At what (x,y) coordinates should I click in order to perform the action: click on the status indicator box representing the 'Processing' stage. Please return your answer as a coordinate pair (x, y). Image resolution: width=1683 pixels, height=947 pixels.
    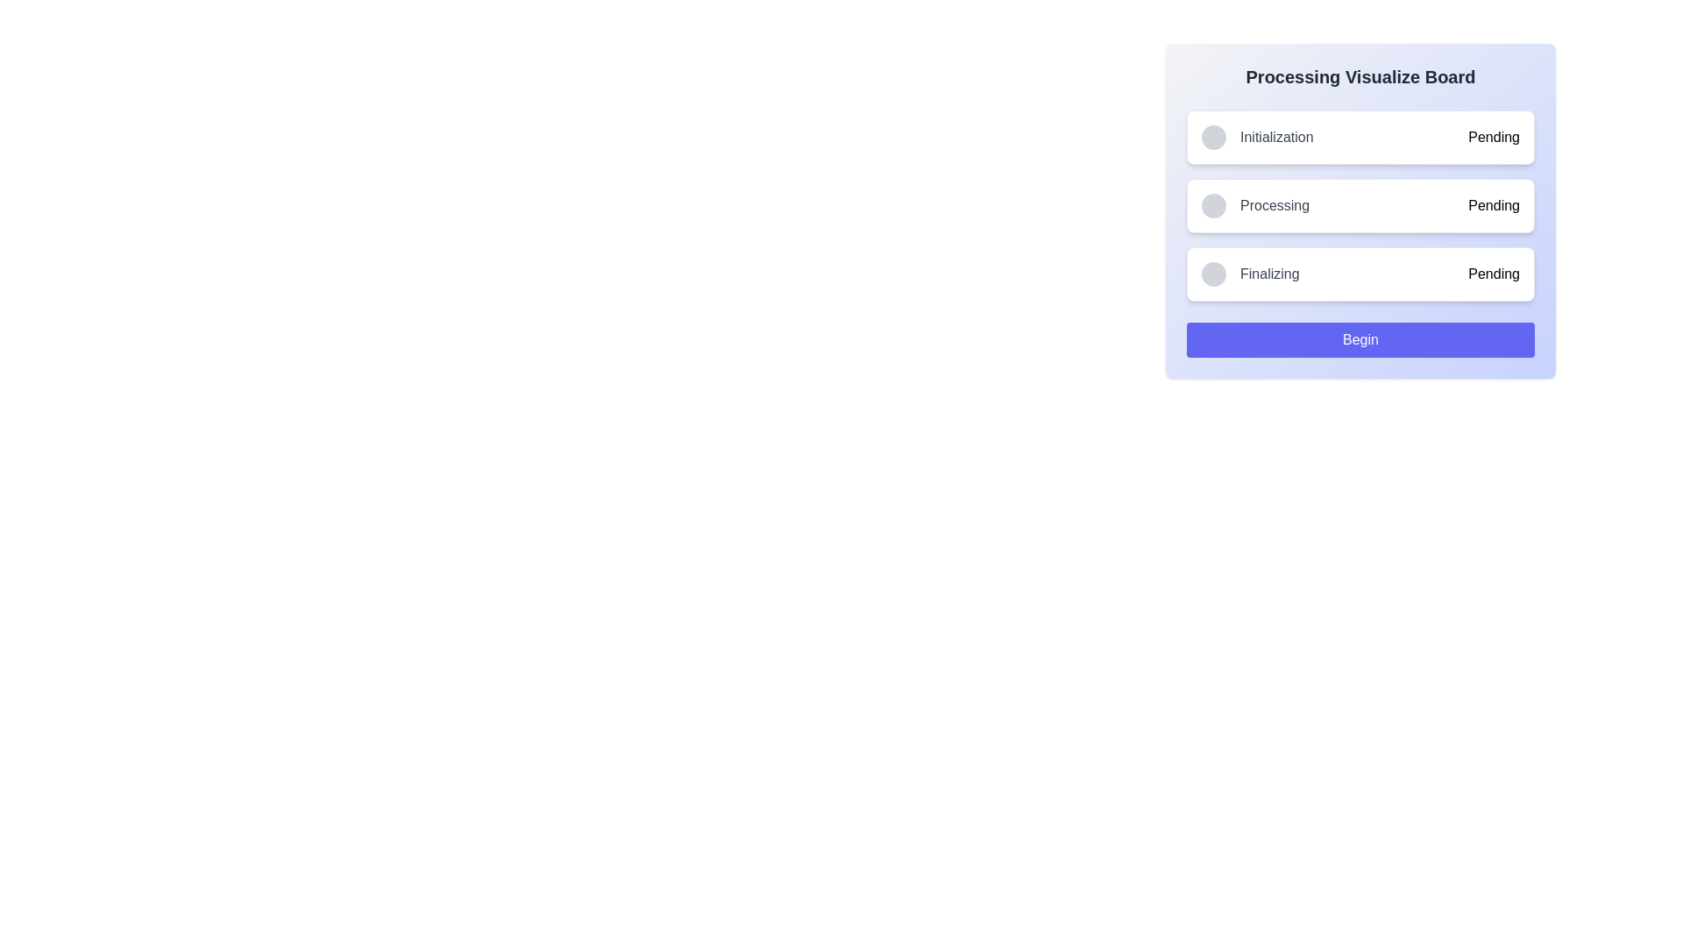
    Looking at the image, I should click on (1360, 205).